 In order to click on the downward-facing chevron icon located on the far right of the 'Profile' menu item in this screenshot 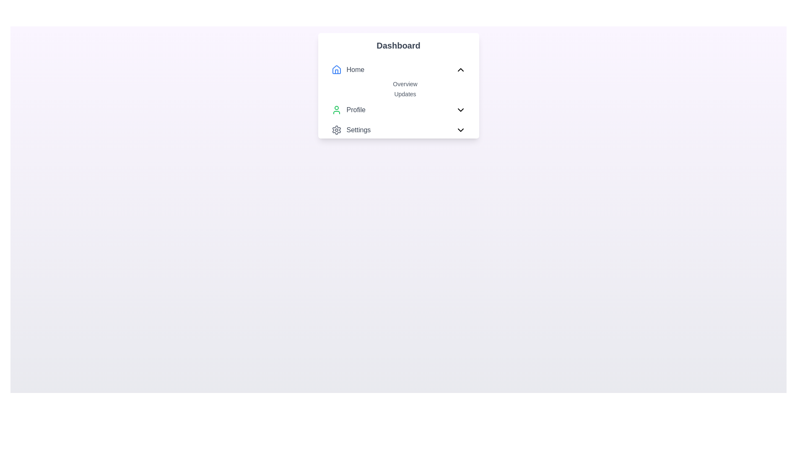, I will do `click(460, 109)`.